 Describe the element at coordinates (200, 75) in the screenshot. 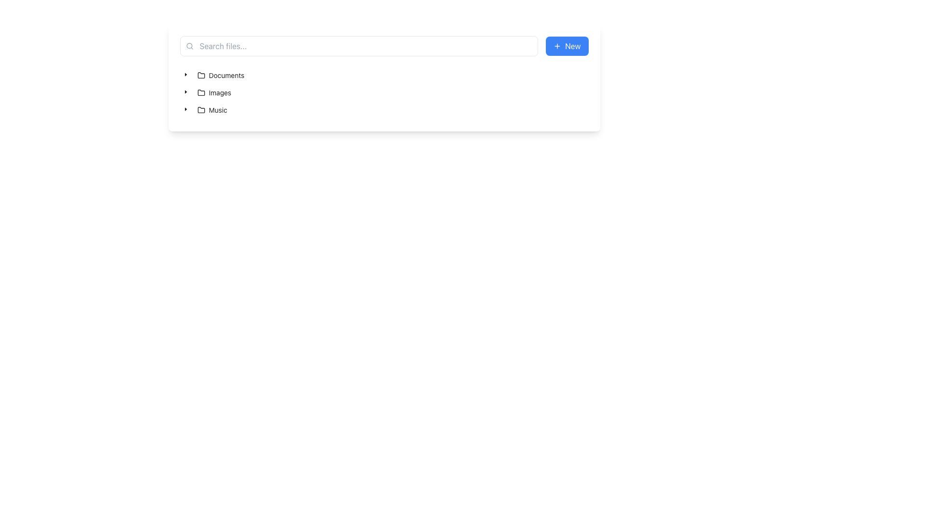

I see `the folder icon associated with the 'Documents' label to interact with its functionality` at that location.